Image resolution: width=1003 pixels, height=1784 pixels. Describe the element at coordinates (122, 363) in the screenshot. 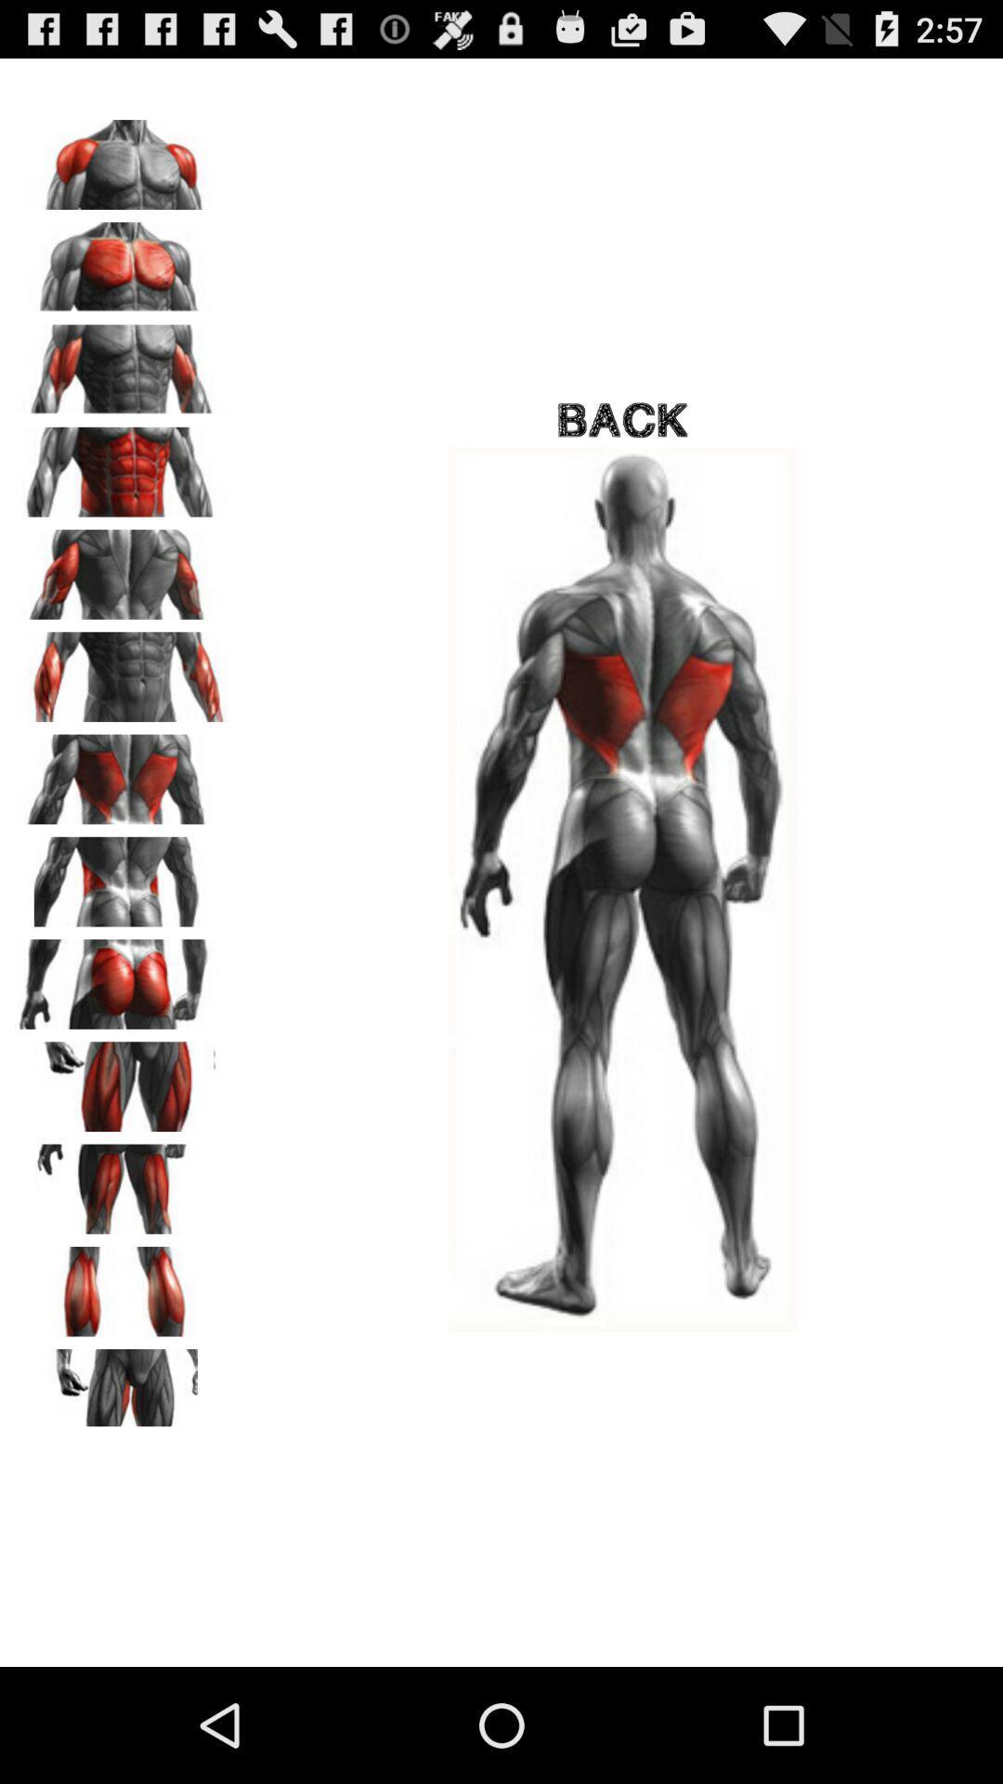

I see `grey back with red arms` at that location.